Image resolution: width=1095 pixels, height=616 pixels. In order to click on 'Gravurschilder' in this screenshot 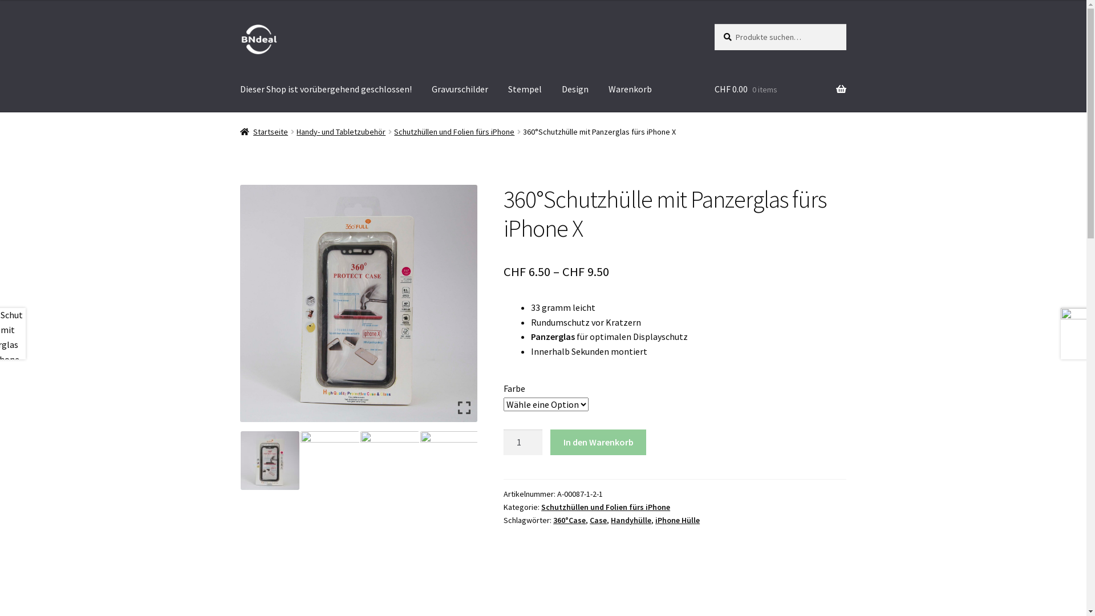, I will do `click(460, 89)`.